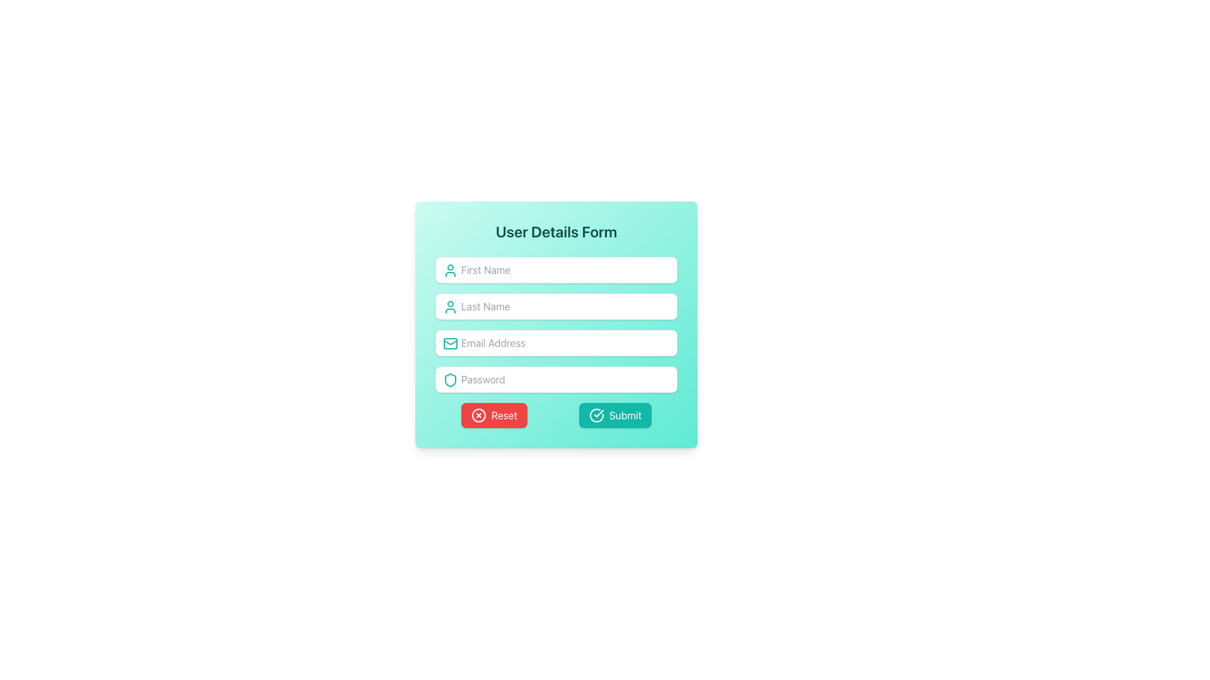 Image resolution: width=1210 pixels, height=680 pixels. What do you see at coordinates (451, 380) in the screenshot?
I see `the shield-shaped icon with a teal outline, which is located to the left of the password input field in the user details form` at bounding box center [451, 380].